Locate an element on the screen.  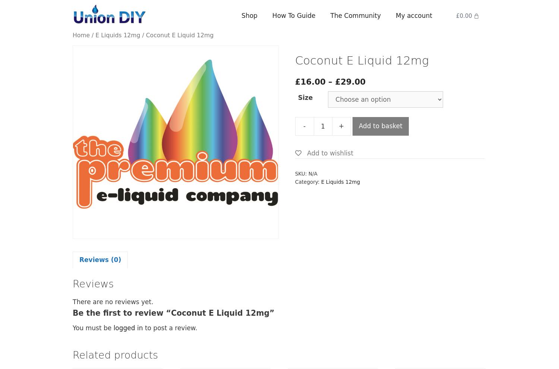
'My account' is located at coordinates (413, 15).